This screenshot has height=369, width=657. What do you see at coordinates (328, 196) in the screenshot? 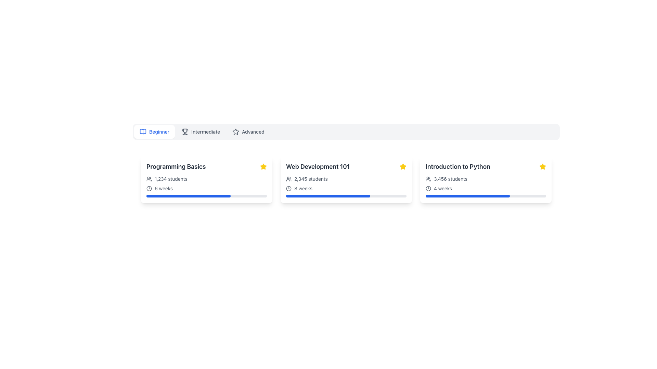
I see `the partially filled blue progress bar located at the bottom of the 'Web Development 101' card, which is centered horizontally and has rounded ends` at bounding box center [328, 196].